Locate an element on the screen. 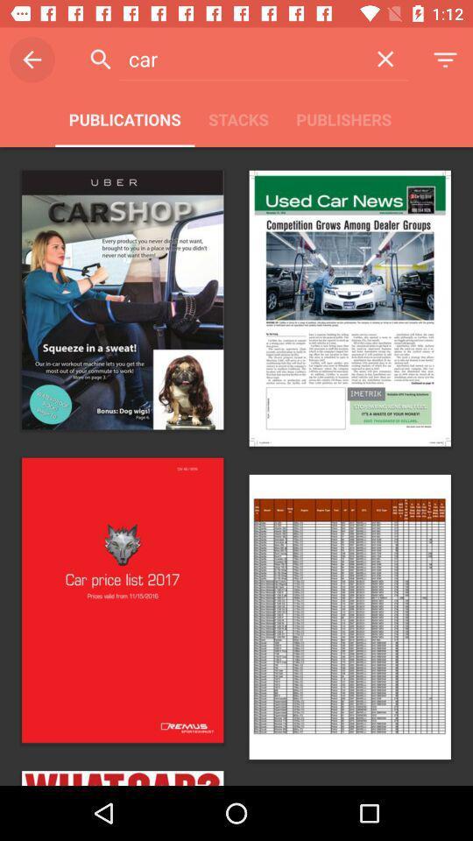 Image resolution: width=473 pixels, height=841 pixels. car icon is located at coordinates (240, 59).